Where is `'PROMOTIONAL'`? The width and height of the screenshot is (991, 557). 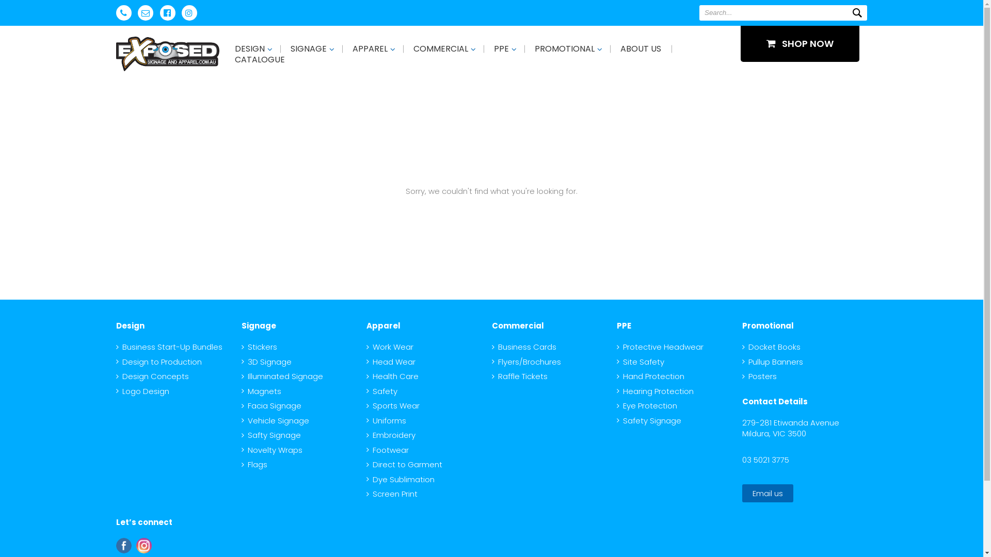 'PROMOTIONAL' is located at coordinates (564, 48).